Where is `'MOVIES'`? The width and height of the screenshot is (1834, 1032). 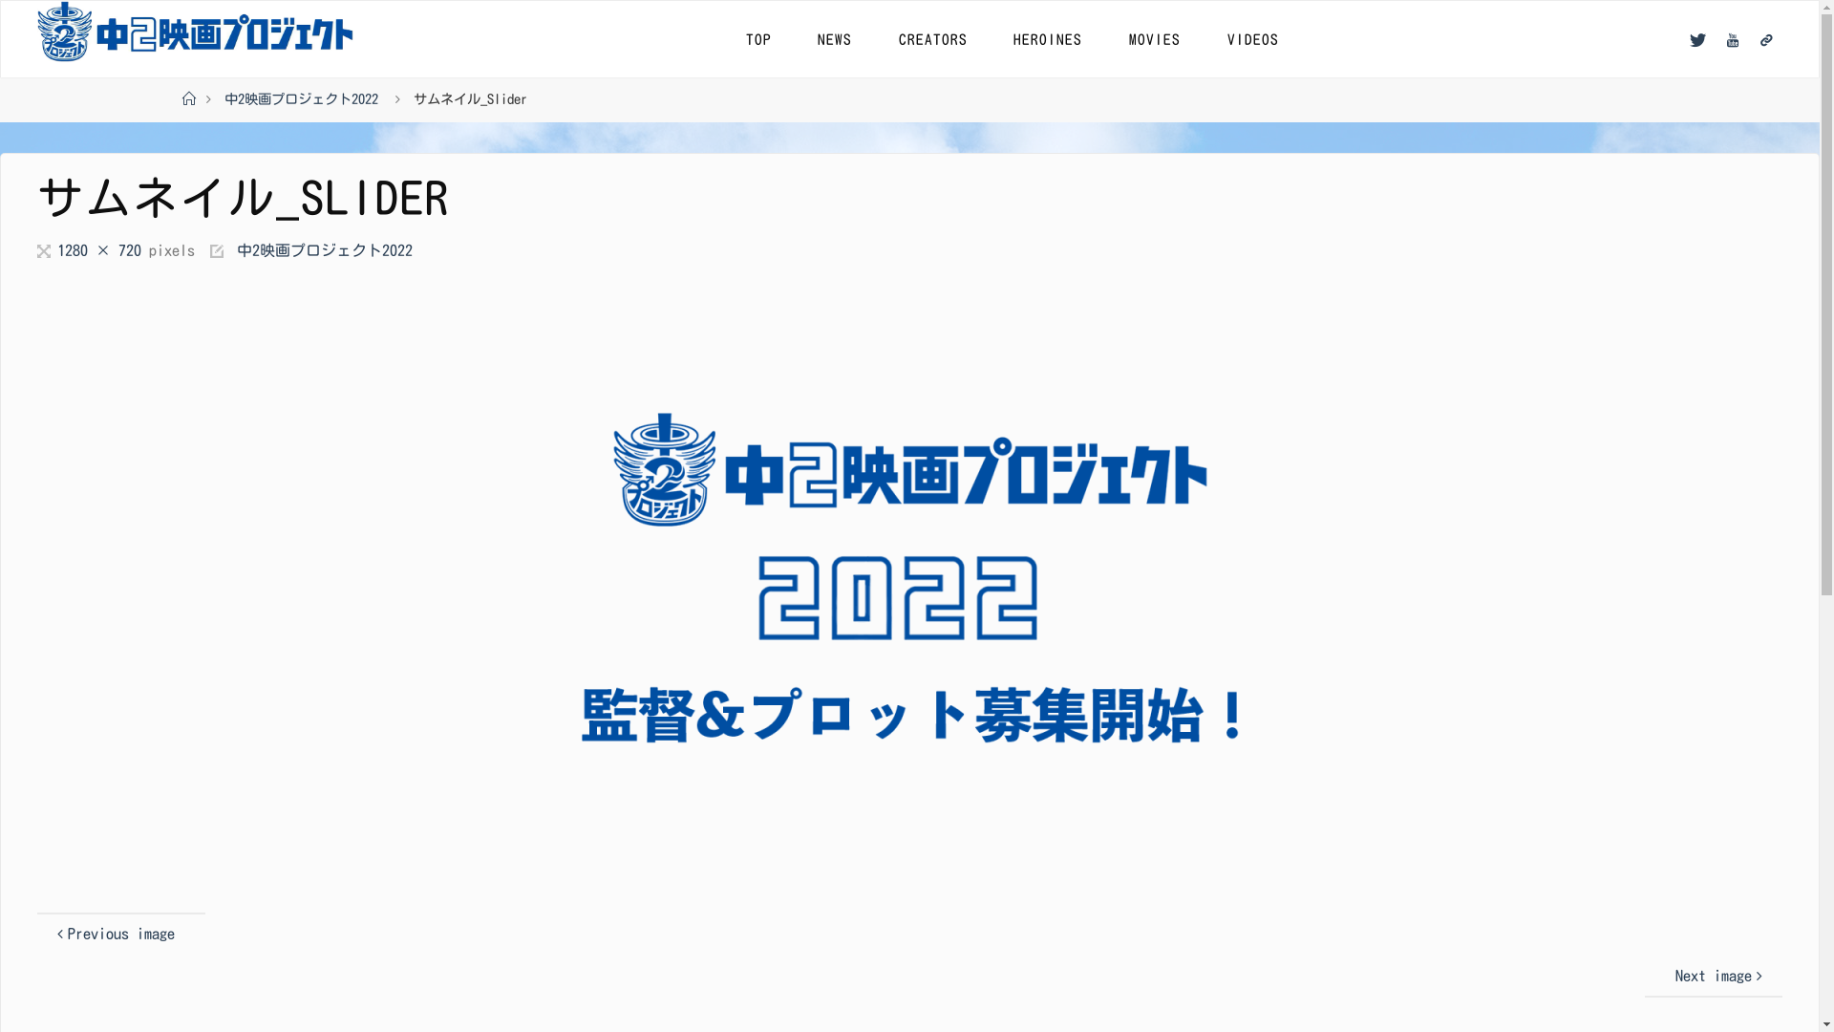
'MOVIES' is located at coordinates (1154, 39).